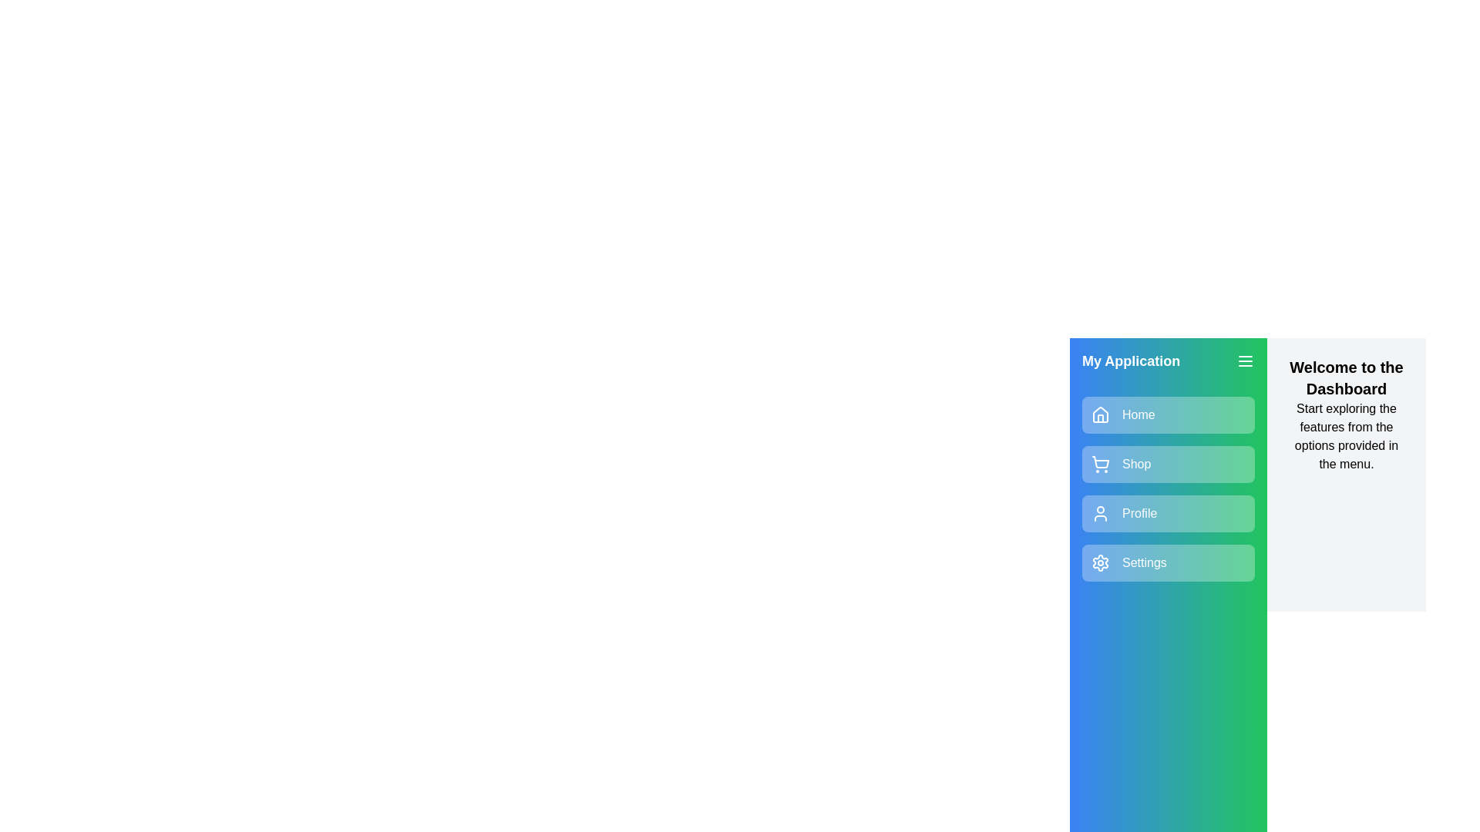 Image resolution: width=1480 pixels, height=832 pixels. I want to click on the menu item corresponding to Shop, so click(1169, 463).